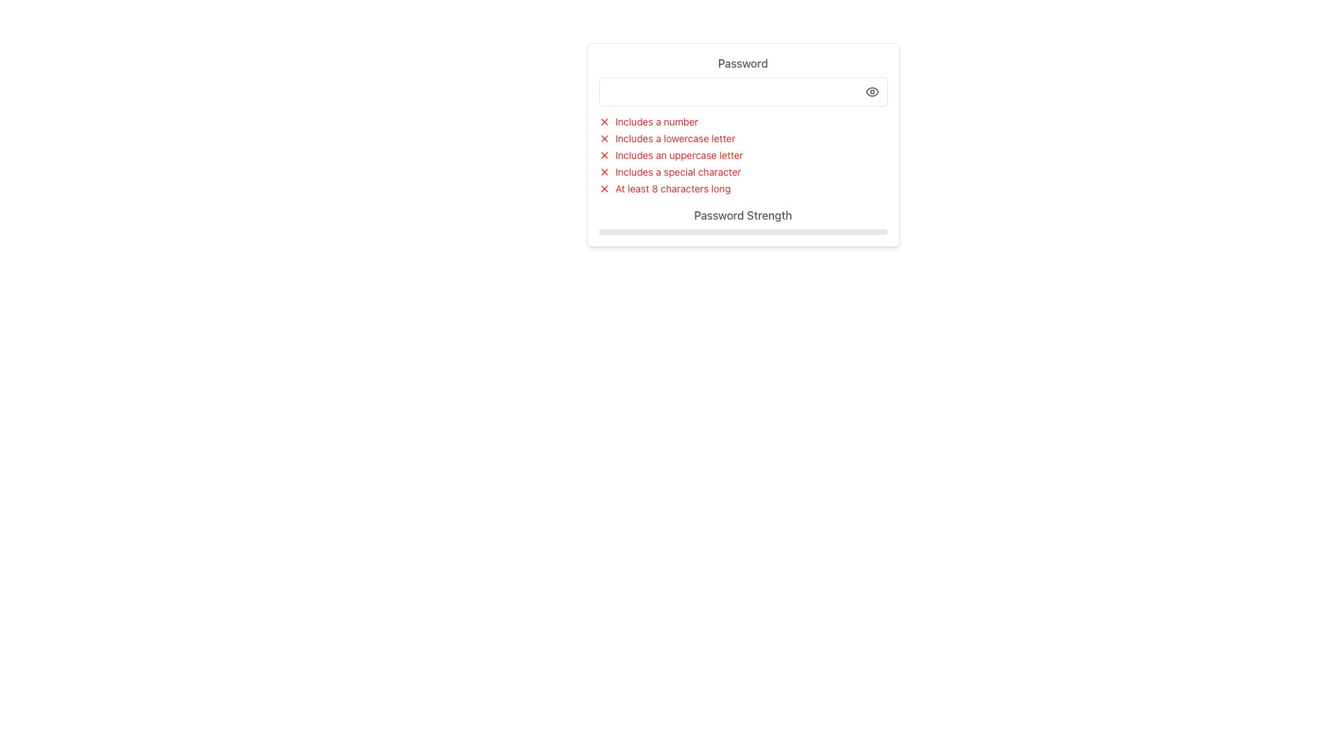 Image resolution: width=1339 pixels, height=753 pixels. What do you see at coordinates (604, 171) in the screenshot?
I see `the 'X' icon indicating failure, which is styled with an outline format and positioned before the text 'Includes a special character'` at bounding box center [604, 171].